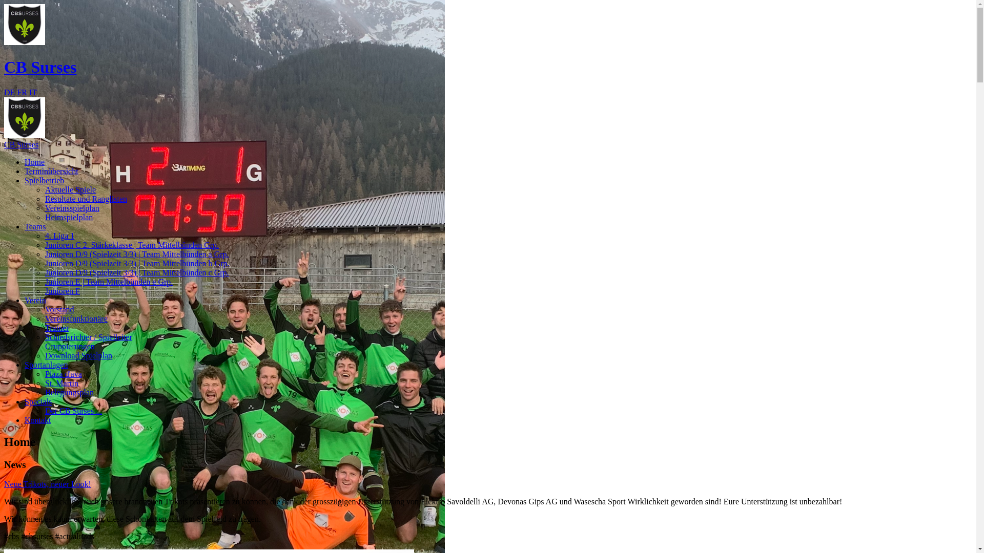 This screenshot has height=553, width=984. What do you see at coordinates (44, 180) in the screenshot?
I see `'Spielbetrieb'` at bounding box center [44, 180].